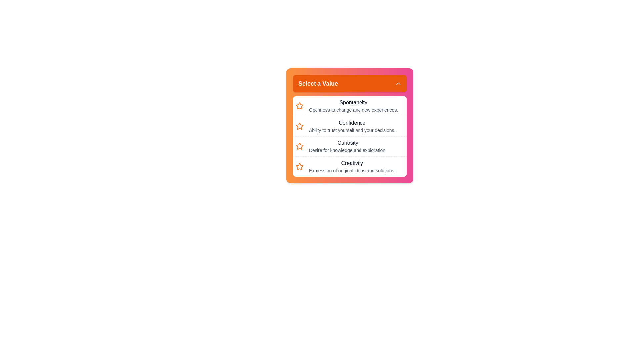 The height and width of the screenshot is (357, 635). I want to click on descriptive text located within the 'Creativity' item of the dropdown list titled 'Select a Value', specifically the second line directly below its title, so click(352, 170).